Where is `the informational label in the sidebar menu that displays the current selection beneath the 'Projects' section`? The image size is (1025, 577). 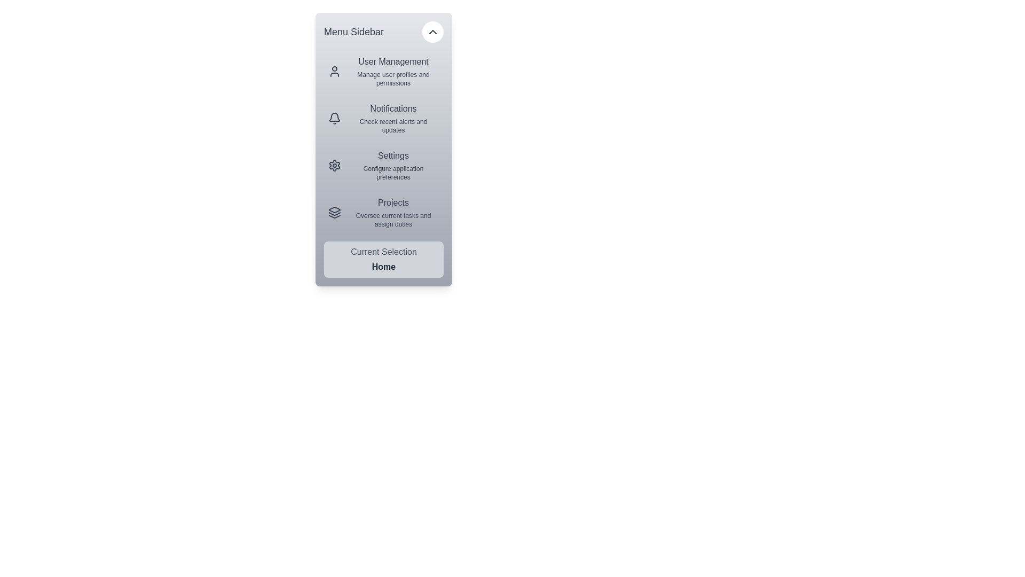
the informational label in the sidebar menu that displays the current selection beneath the 'Projects' section is located at coordinates (384, 260).